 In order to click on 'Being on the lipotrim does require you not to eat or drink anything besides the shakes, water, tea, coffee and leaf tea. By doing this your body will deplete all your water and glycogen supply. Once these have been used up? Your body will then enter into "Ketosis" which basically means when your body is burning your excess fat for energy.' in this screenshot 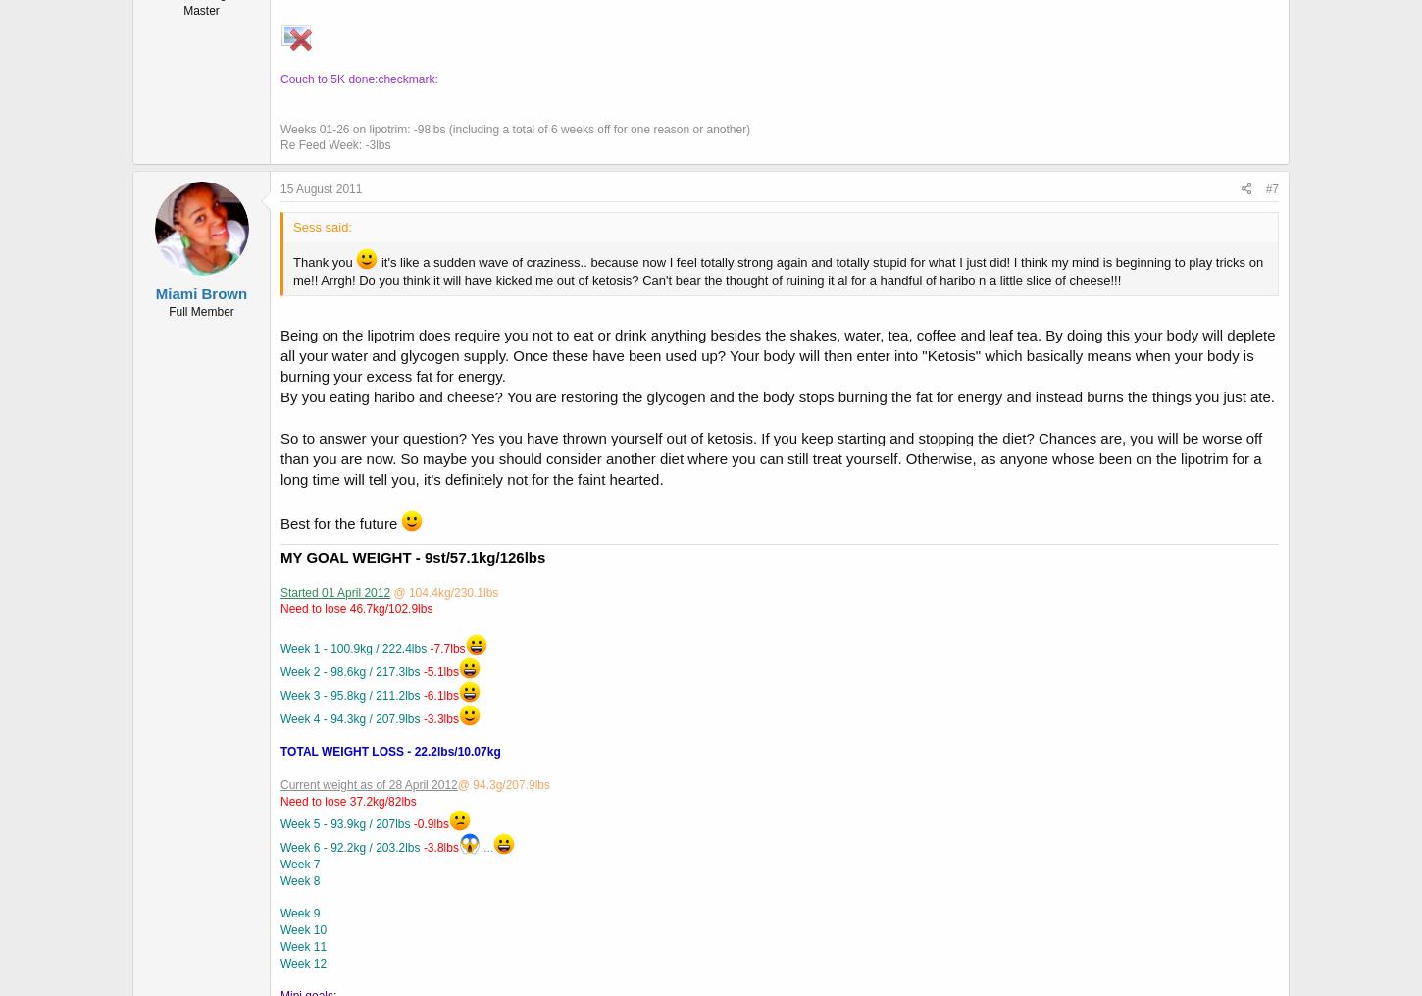, I will do `click(778, 353)`.